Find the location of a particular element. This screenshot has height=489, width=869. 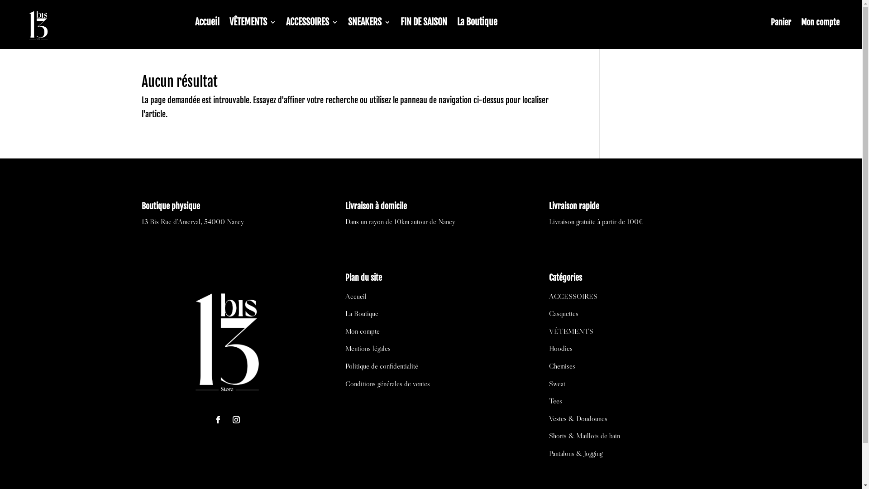

'Casquettes' is located at coordinates (563, 312).